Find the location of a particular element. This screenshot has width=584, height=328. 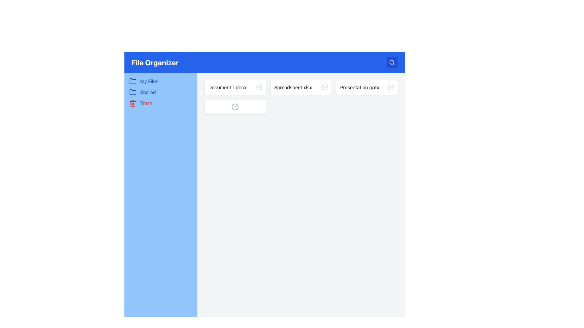

the 'Shared' navigation item, which is styled in blue and located between 'My Files' and 'Trash' in the left panel menu is located at coordinates (161, 92).